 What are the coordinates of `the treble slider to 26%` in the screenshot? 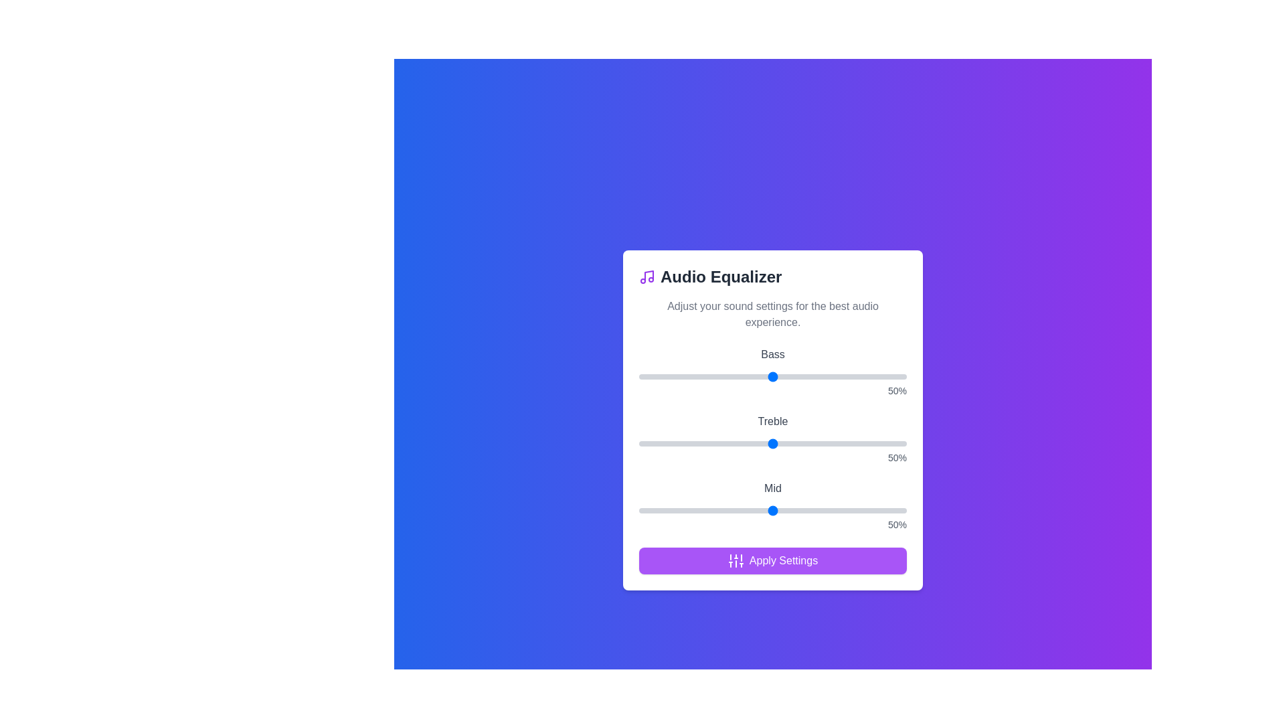 It's located at (708, 444).